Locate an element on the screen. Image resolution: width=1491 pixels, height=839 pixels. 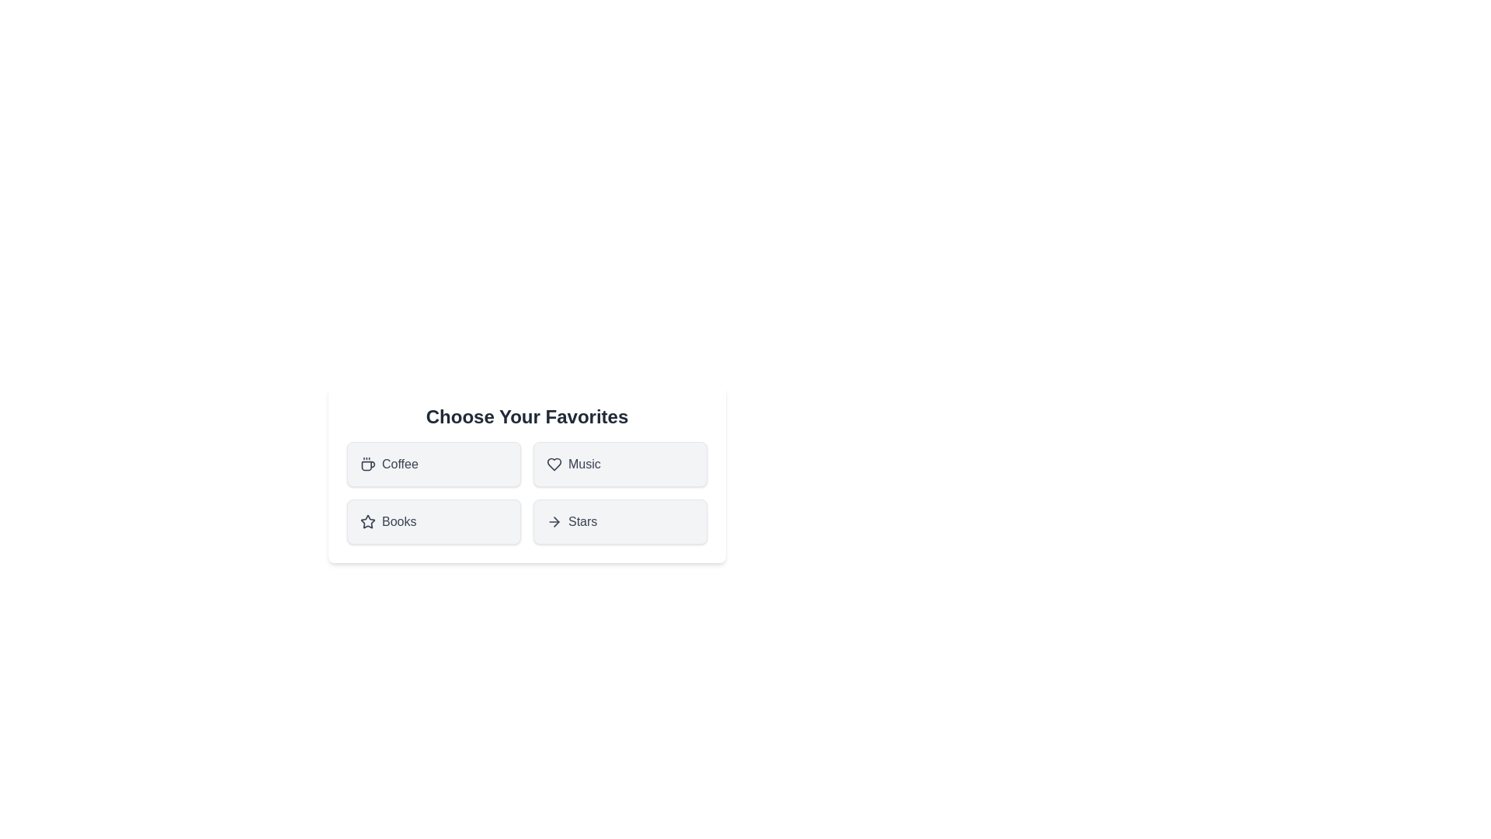
the rightward arrow icon located towards the right edge of the 'Stars' button in the bottom-right of a 2x2 grid layout is located at coordinates (554, 521).